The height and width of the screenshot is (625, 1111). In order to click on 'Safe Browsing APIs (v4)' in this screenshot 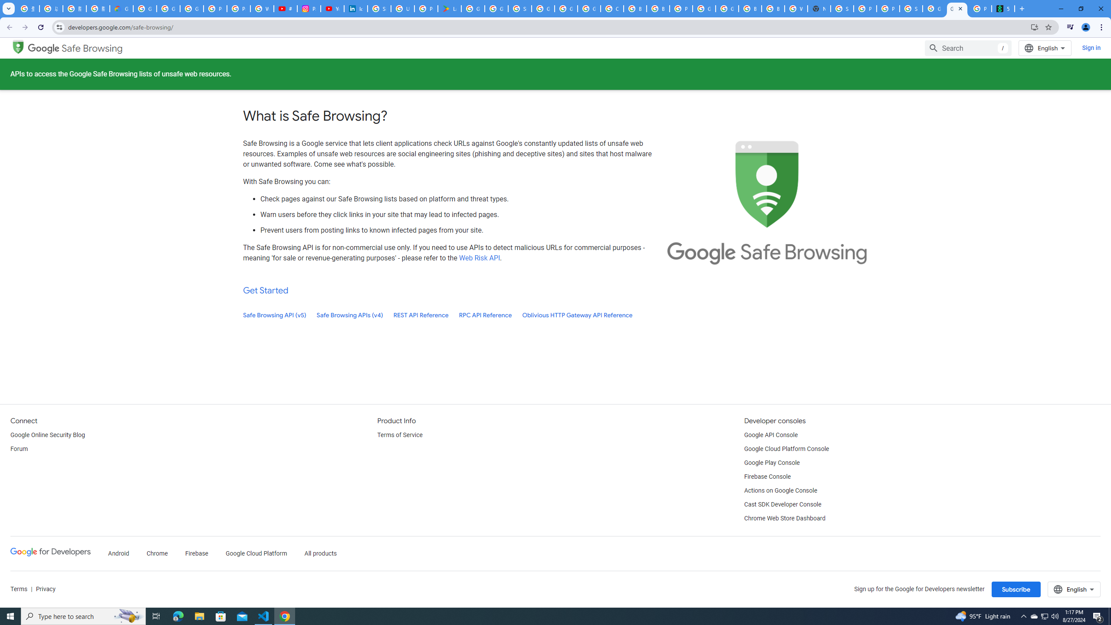, I will do `click(350, 315)`.